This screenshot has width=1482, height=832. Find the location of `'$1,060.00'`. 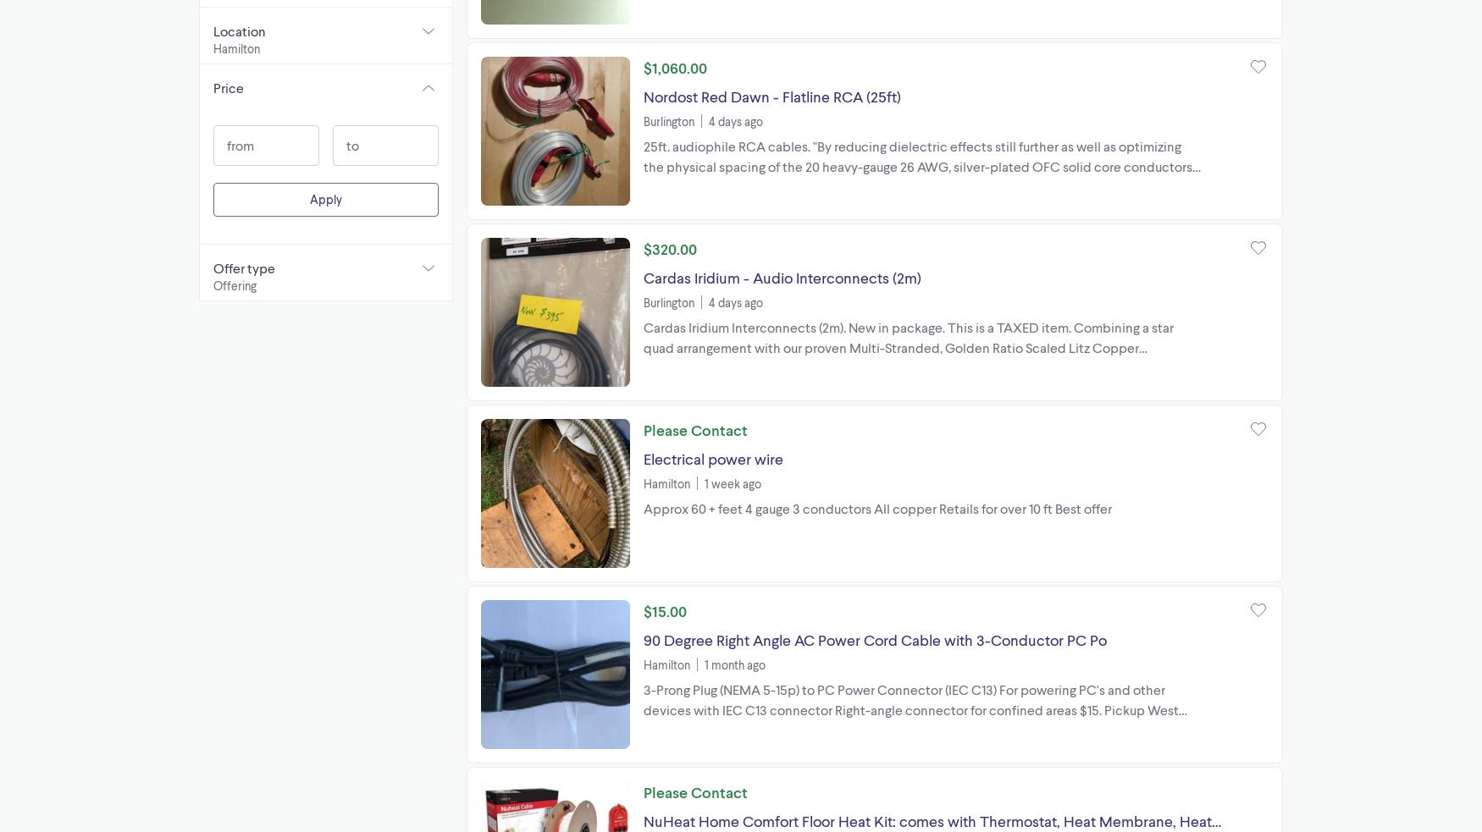

'$1,060.00' is located at coordinates (674, 67).